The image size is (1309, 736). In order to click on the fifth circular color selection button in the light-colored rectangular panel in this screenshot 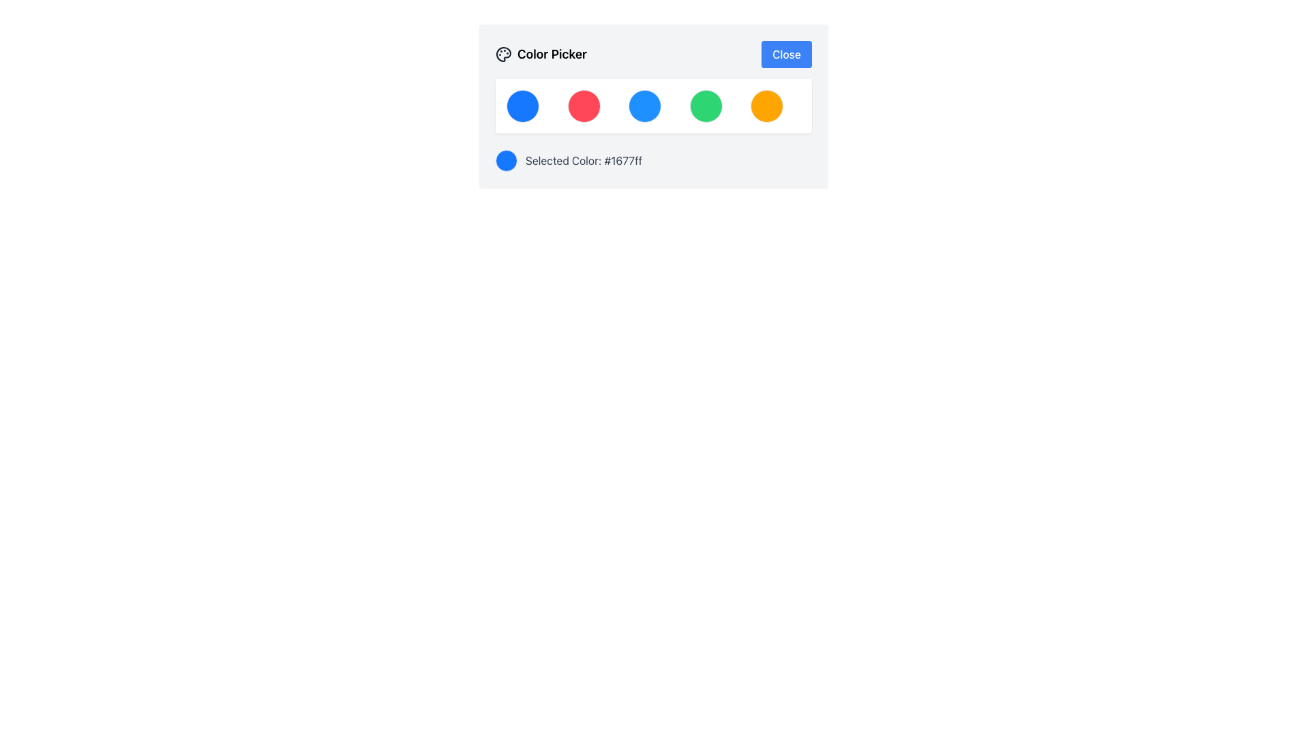, I will do `click(767, 105)`.